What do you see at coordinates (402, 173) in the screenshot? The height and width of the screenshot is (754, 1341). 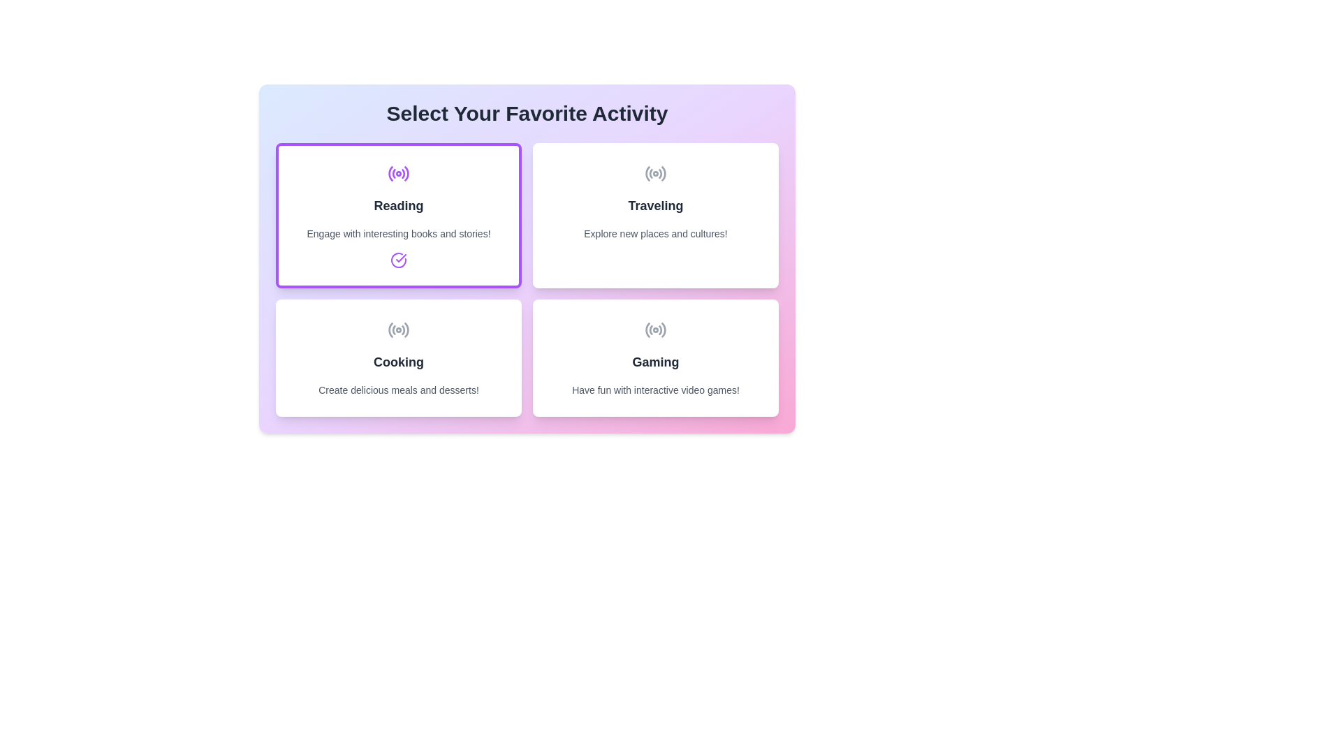 I see `the curved line segment with a purple stroke, part of the circular design in the upper-left selection card labeled 'Reading'` at bounding box center [402, 173].